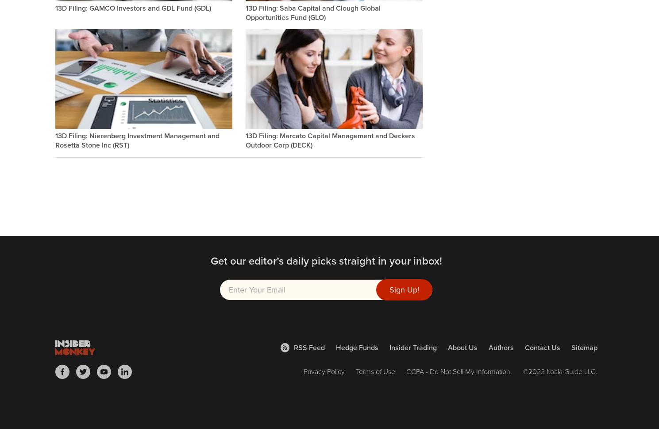 The height and width of the screenshot is (429, 659). What do you see at coordinates (132, 8) in the screenshot?
I see `'13D Filing: GAMCO Investors and GDL Fund (GDL)'` at bounding box center [132, 8].